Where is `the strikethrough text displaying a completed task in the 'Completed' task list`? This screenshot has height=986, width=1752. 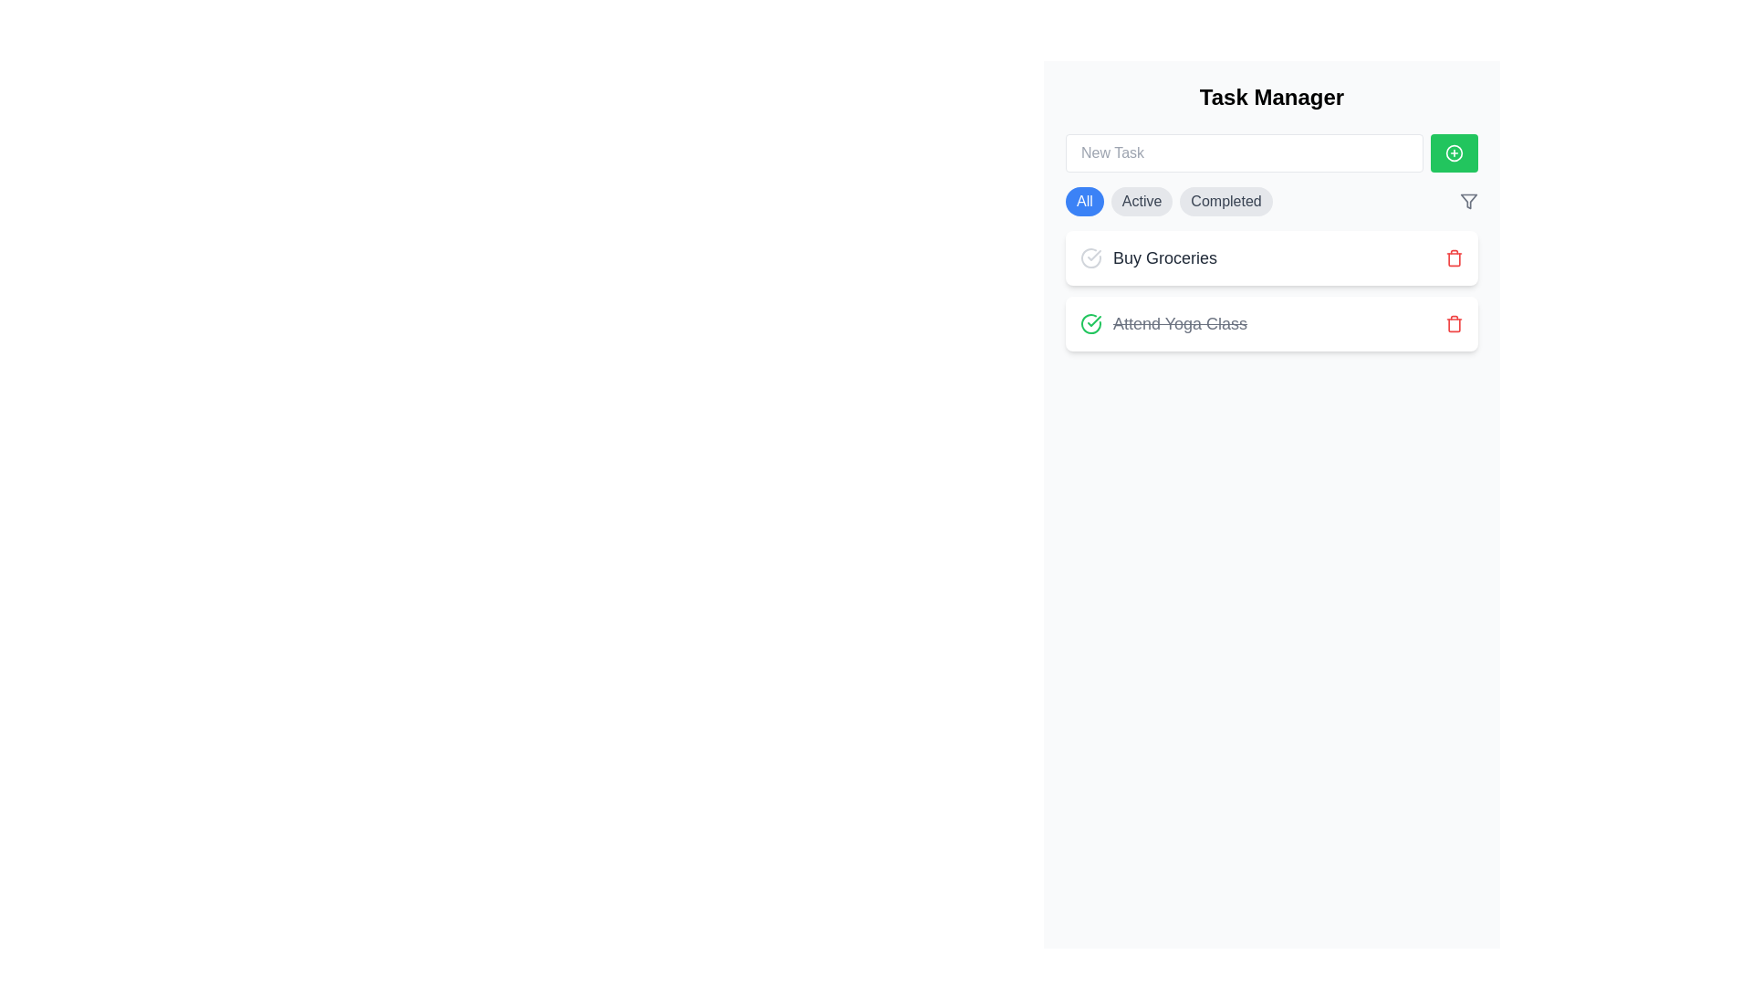
the strikethrough text displaying a completed task in the 'Completed' task list is located at coordinates (1163, 322).